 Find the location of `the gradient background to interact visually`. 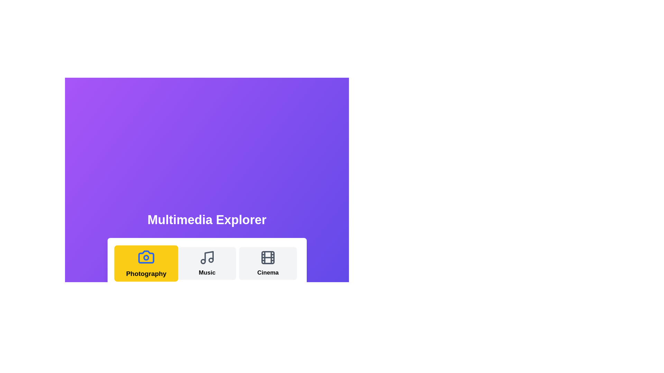

the gradient background to interact visually is located at coordinates (265, 172).